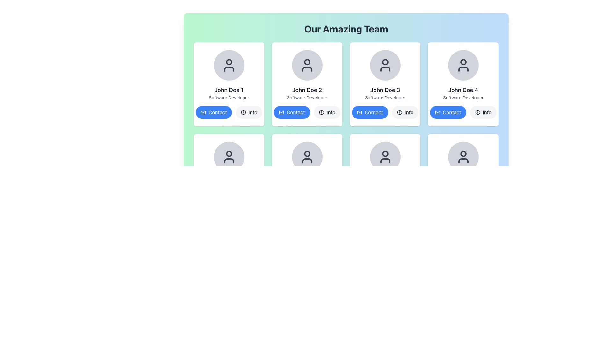 This screenshot has height=344, width=612. I want to click on the grouped buttons in the fourth profile card of the 'Our Amazing Team' section below 'John Doe 4' and 'Software Developer', so click(463, 112).